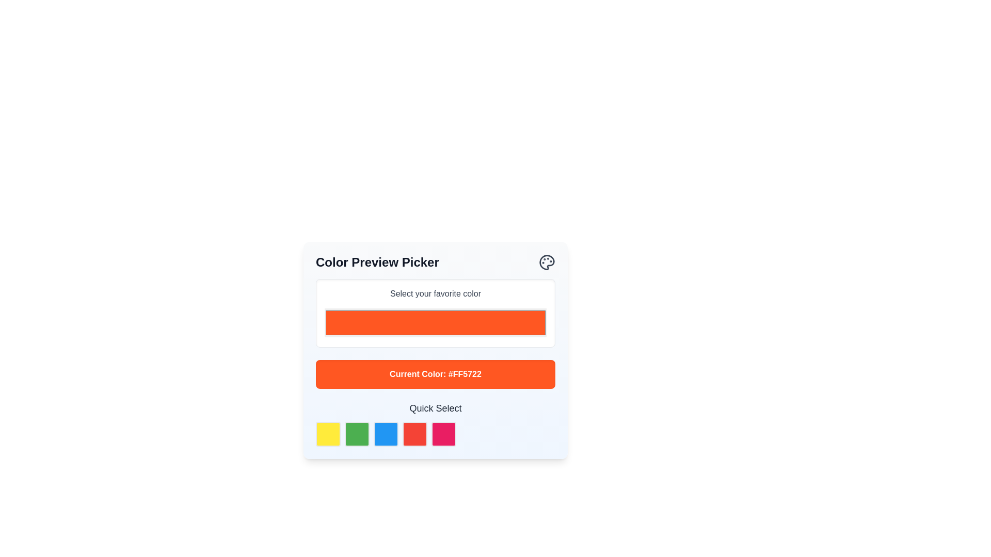  Describe the element at coordinates (443, 434) in the screenshot. I see `the fifth square button in the 'Quick Select' row` at that location.